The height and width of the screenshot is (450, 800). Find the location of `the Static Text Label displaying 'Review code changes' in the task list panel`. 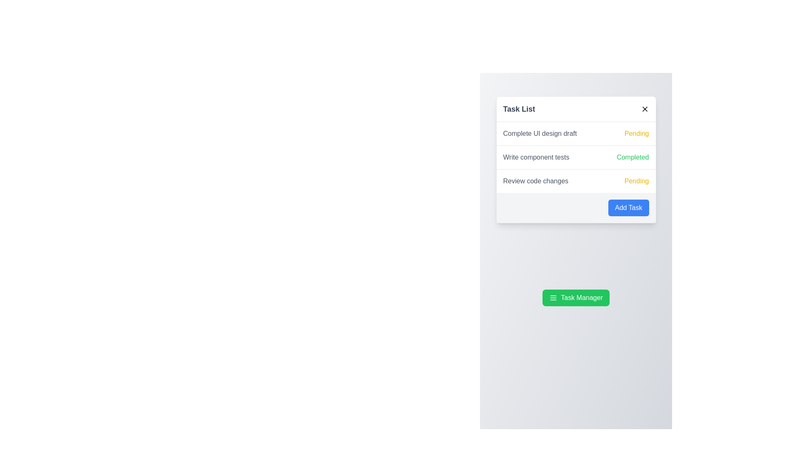

the Static Text Label displaying 'Review code changes' in the task list panel is located at coordinates (535, 181).